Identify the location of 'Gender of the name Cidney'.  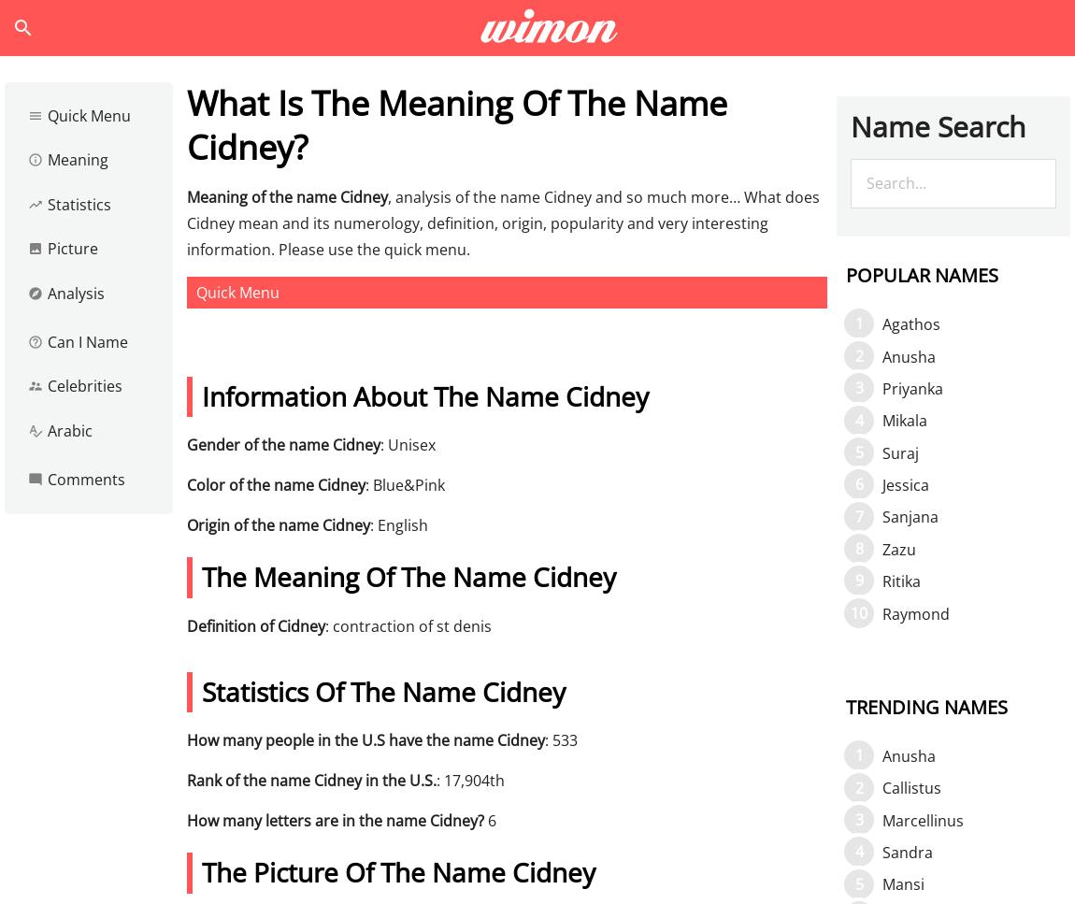
(283, 444).